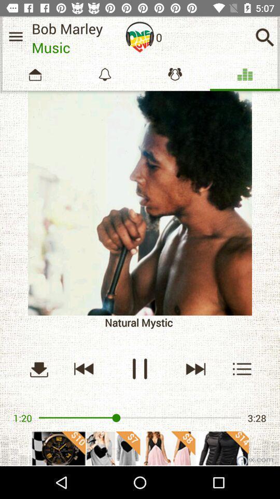 The width and height of the screenshot is (280, 499). Describe the element at coordinates (264, 37) in the screenshot. I see `search option` at that location.